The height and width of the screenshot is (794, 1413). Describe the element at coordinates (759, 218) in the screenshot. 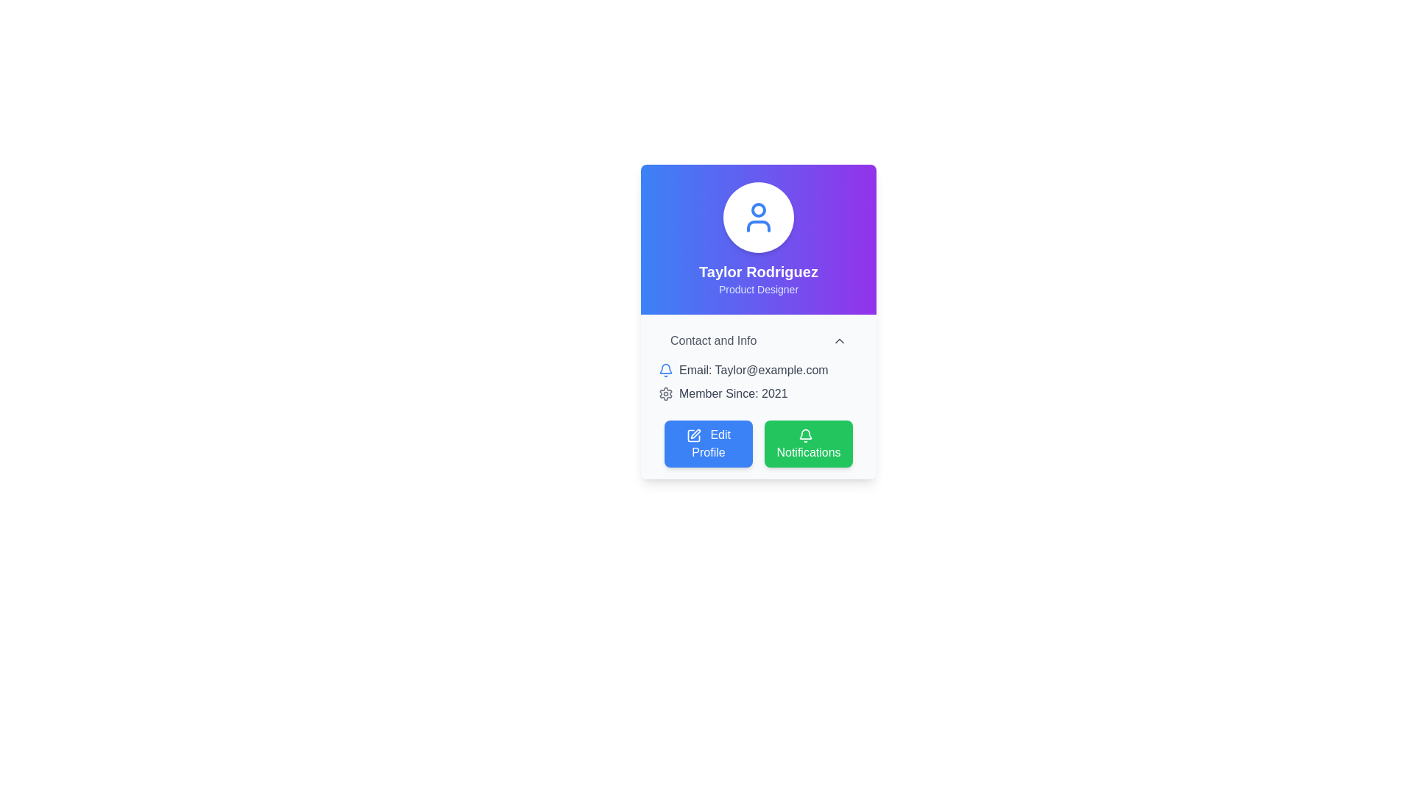

I see `the blue-colored user silhouette icon located at the center-top of the profile card, which is the sole component in its rounded background area` at that location.